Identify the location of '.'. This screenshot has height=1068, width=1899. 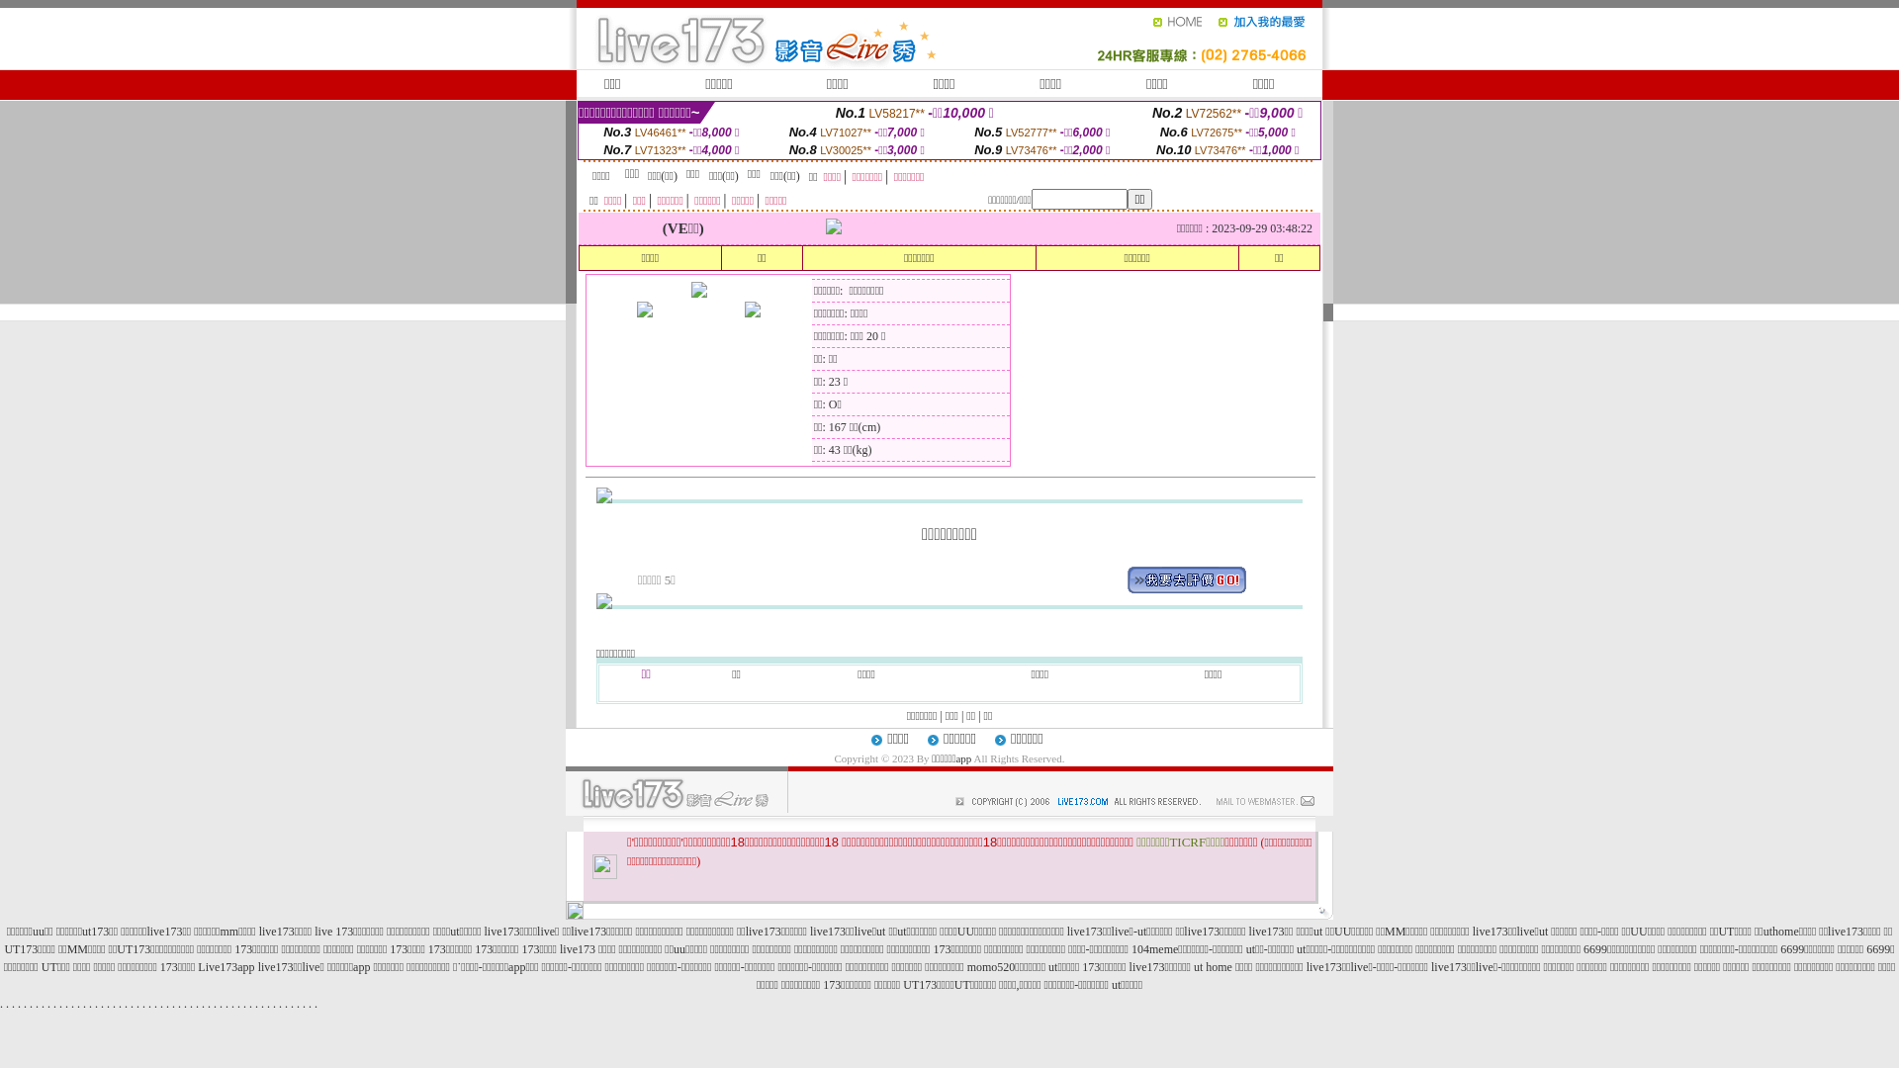
(255, 1003).